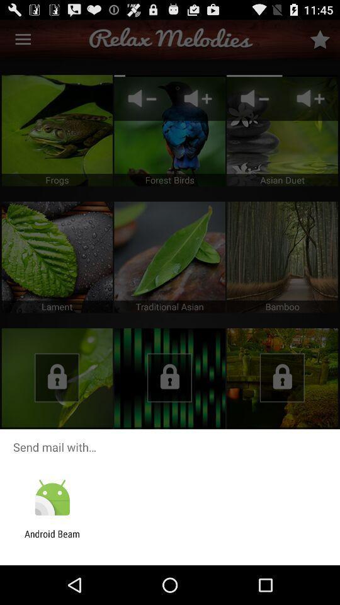 This screenshot has height=605, width=340. I want to click on item above the android beam item, so click(52, 498).